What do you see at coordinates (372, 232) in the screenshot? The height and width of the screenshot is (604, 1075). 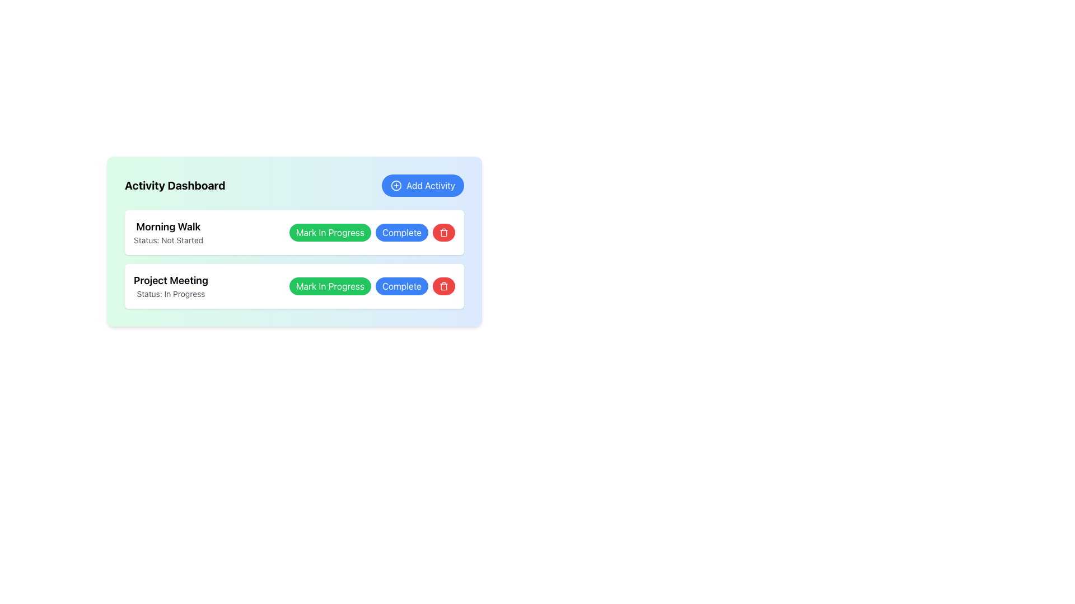 I see `the 'Mark In Progress' button in the task management button group located to the right of the 'Morning Walk' task's status` at bounding box center [372, 232].